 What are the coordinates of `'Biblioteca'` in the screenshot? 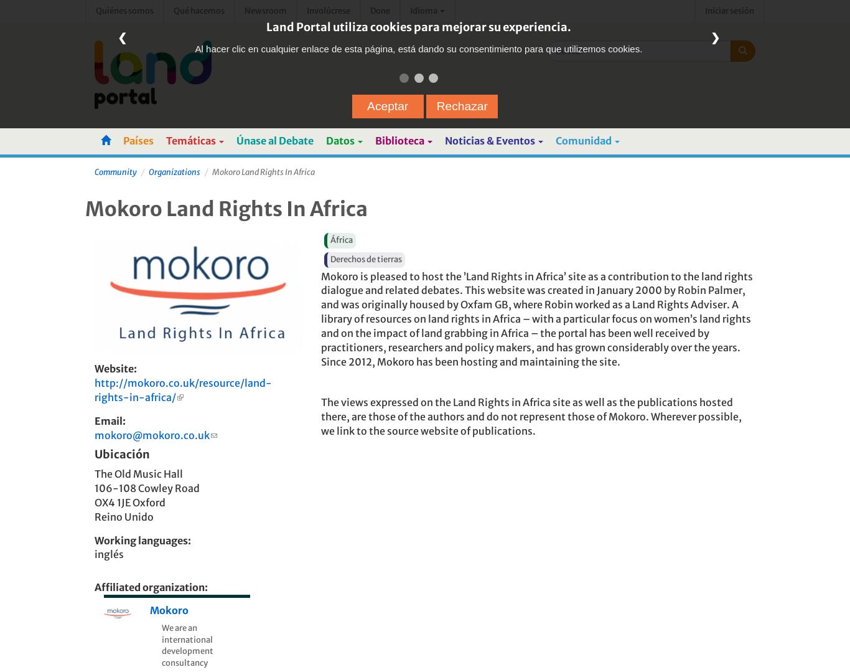 It's located at (373, 140).